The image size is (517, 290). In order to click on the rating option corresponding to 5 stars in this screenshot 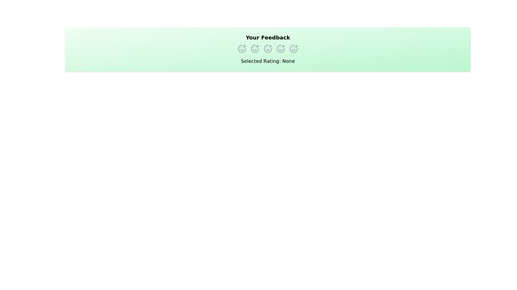, I will do `click(293, 49)`.